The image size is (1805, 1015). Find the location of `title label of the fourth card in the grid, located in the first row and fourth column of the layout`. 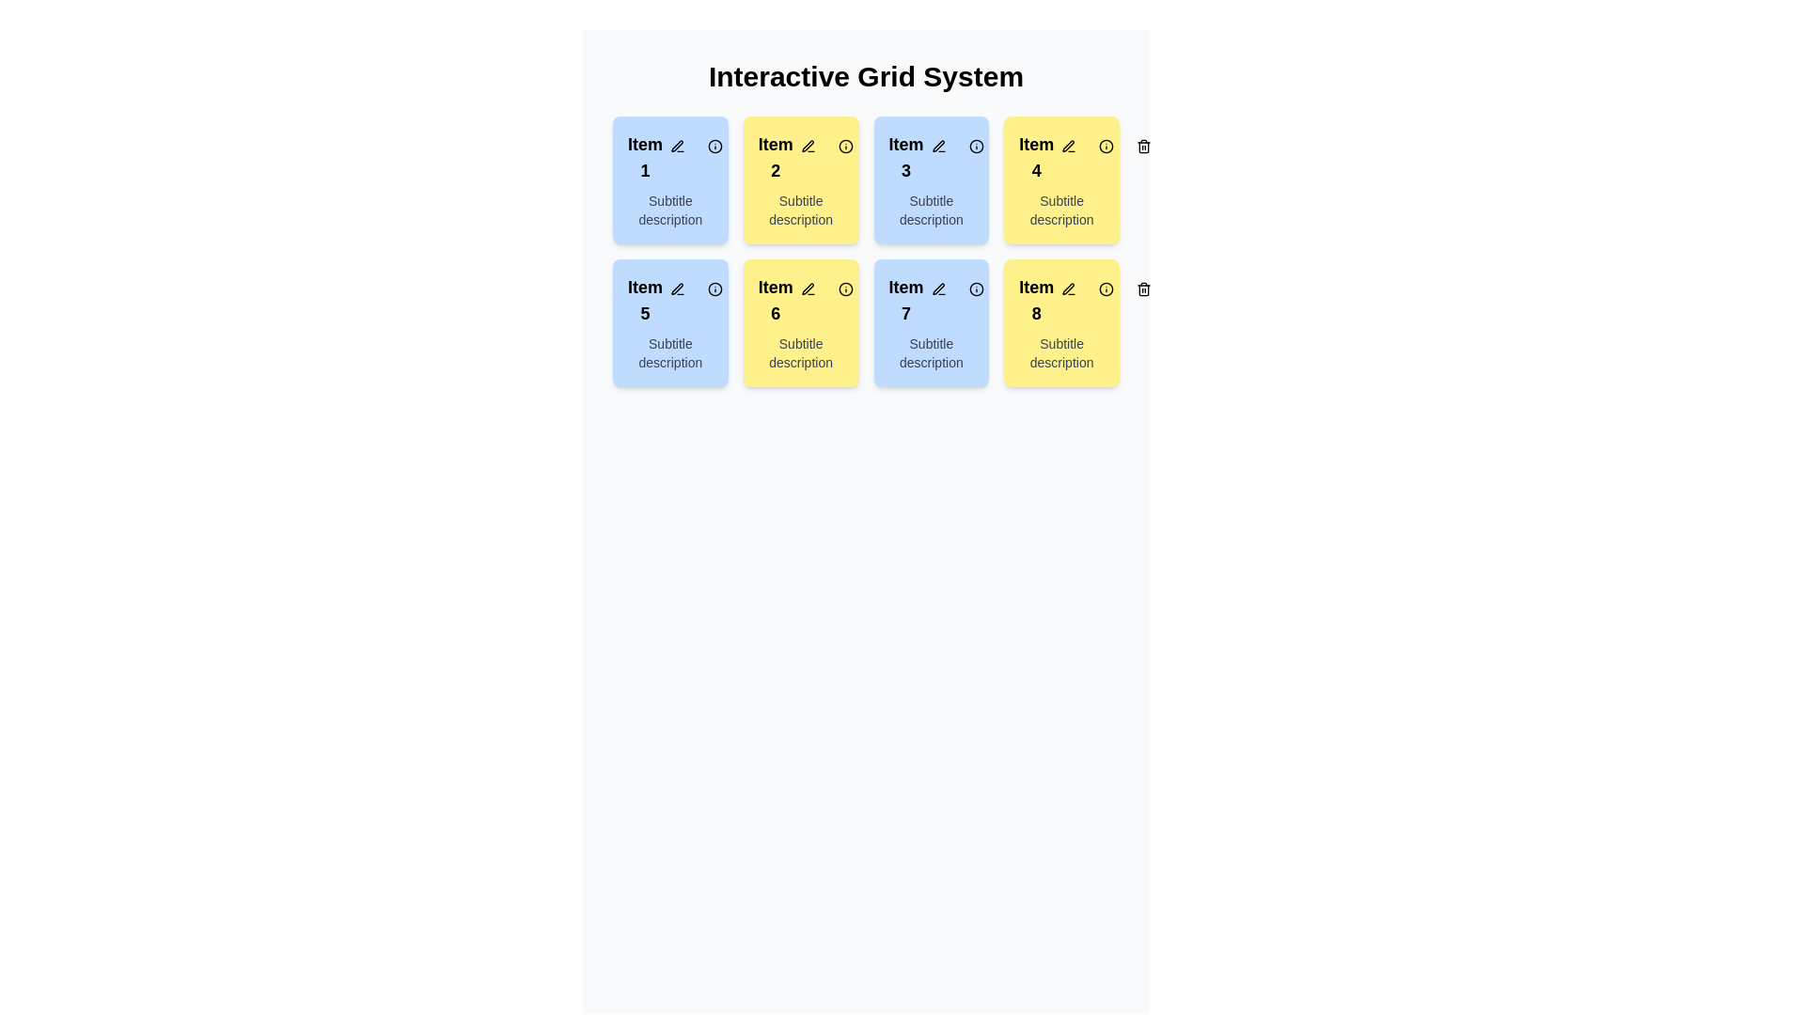

title label of the fourth card in the grid, located in the first row and fourth column of the layout is located at coordinates (1061, 157).